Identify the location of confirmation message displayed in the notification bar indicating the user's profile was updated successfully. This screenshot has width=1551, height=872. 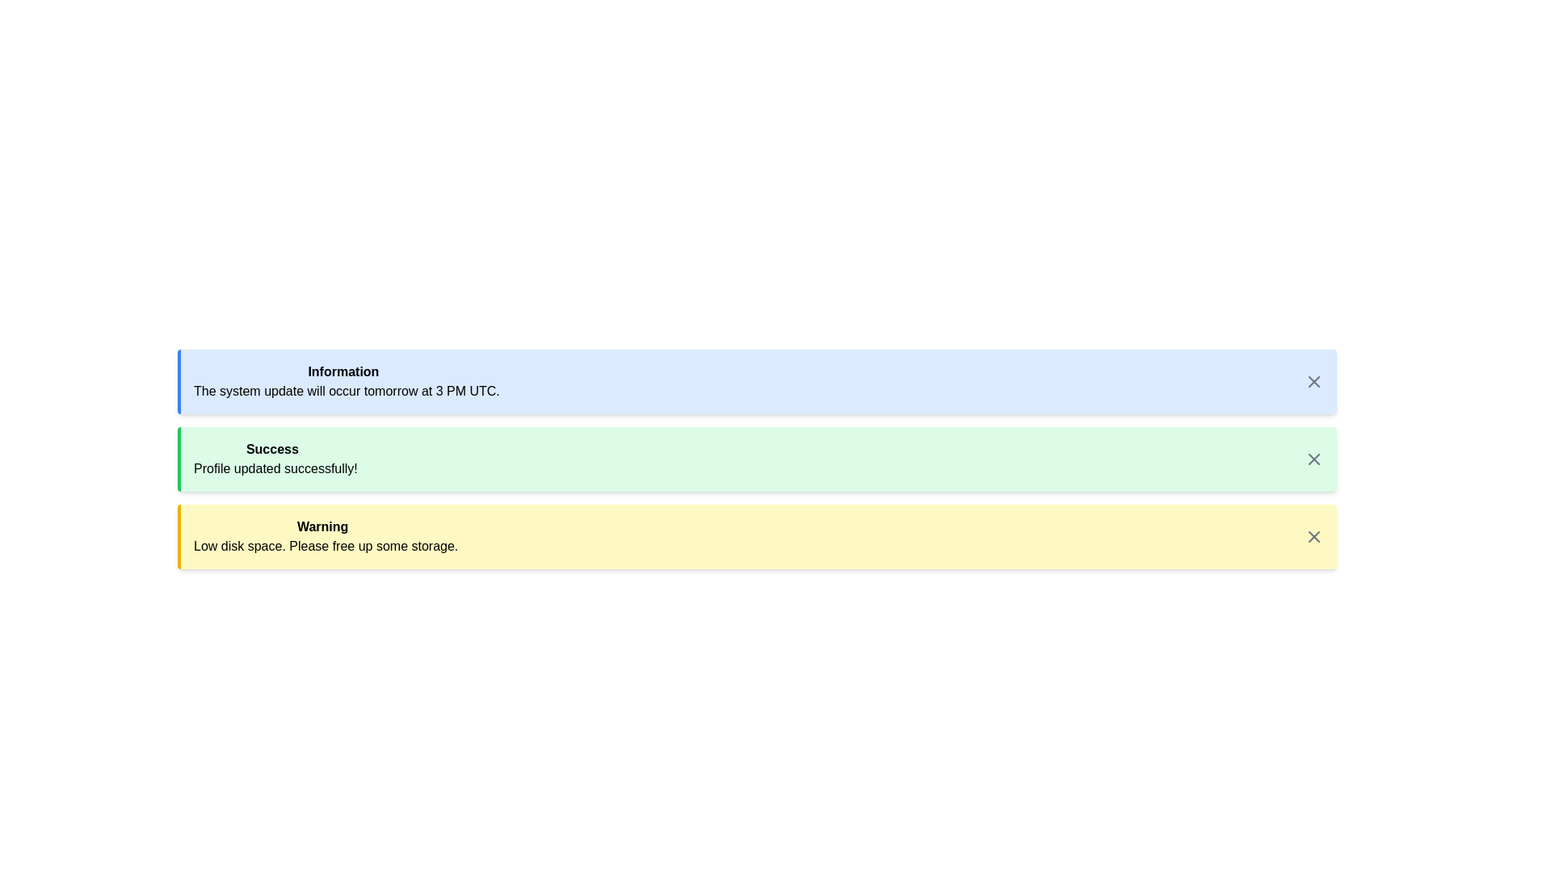
(275, 459).